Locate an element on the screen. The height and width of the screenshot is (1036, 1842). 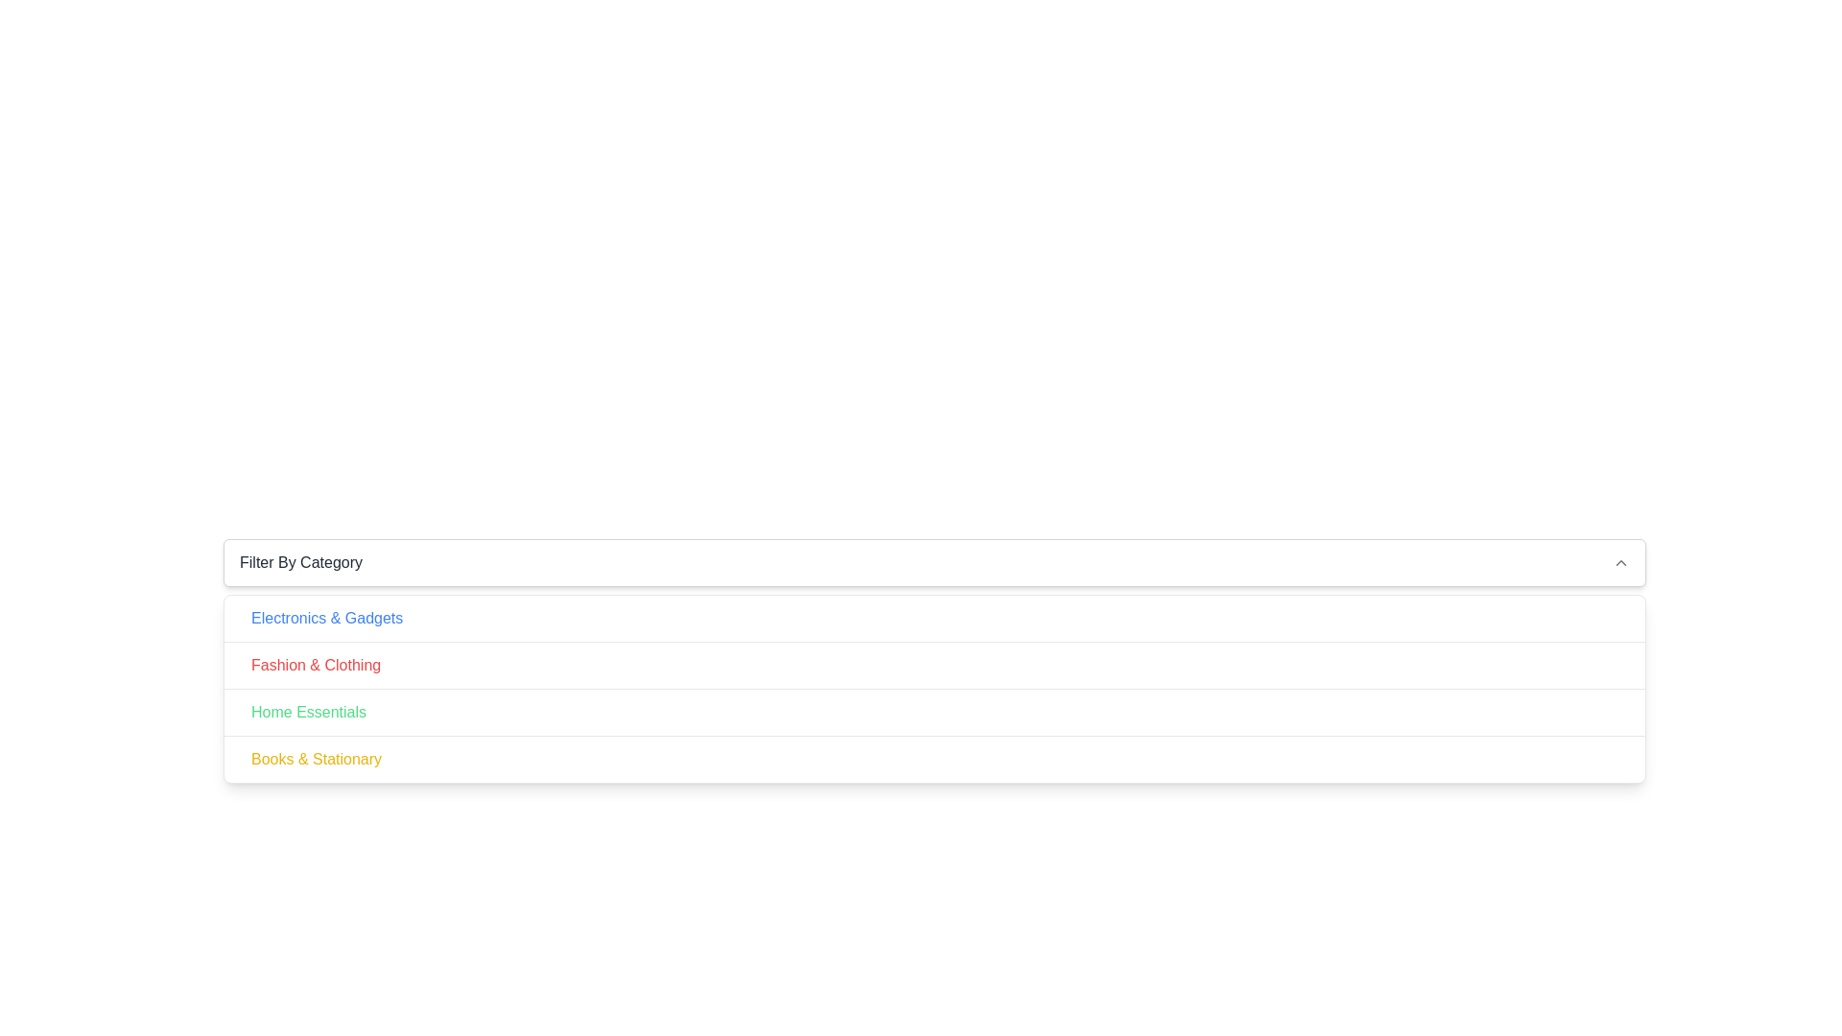
the small upward-facing chevron icon in the 'Filter By Category' header is located at coordinates (1619, 561).